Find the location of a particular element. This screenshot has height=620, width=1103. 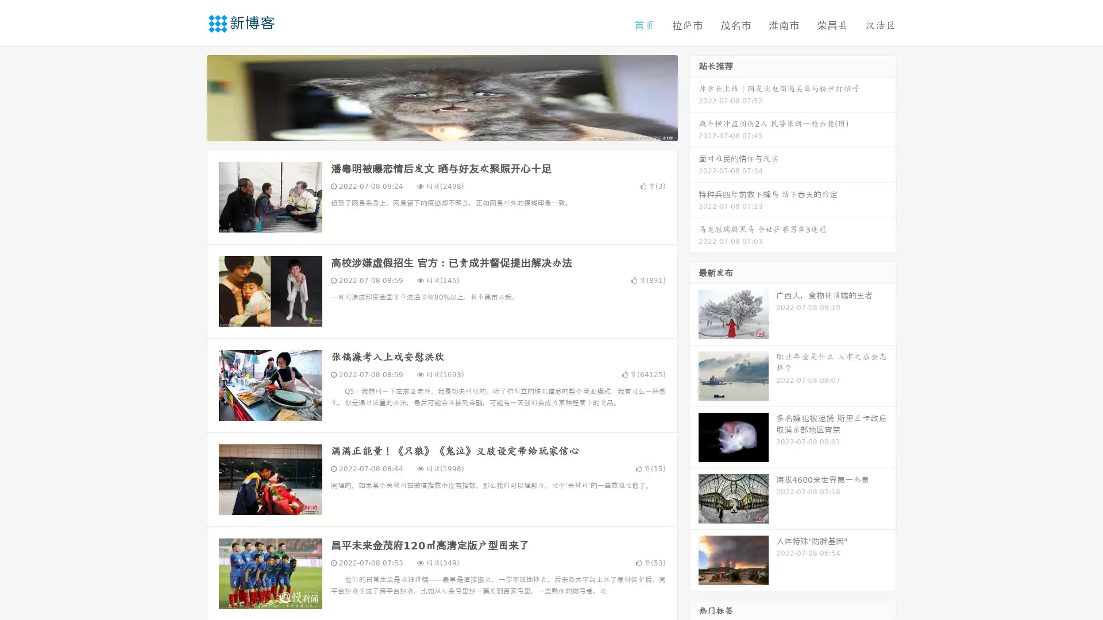

Go to slide 1 is located at coordinates (430, 129).